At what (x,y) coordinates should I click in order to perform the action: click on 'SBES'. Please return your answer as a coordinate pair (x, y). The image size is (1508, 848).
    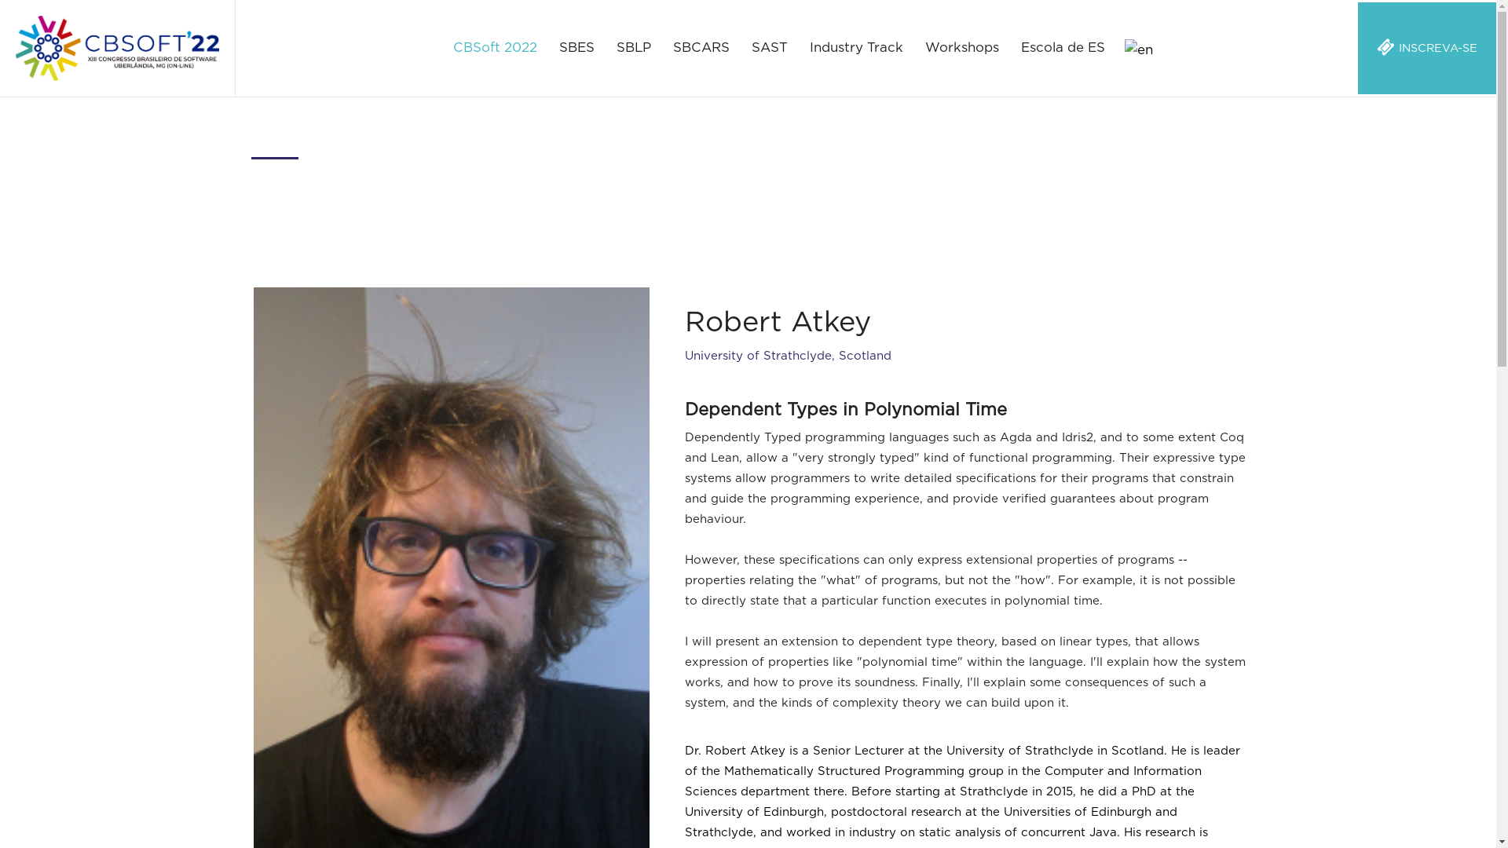
    Looking at the image, I should click on (553, 47).